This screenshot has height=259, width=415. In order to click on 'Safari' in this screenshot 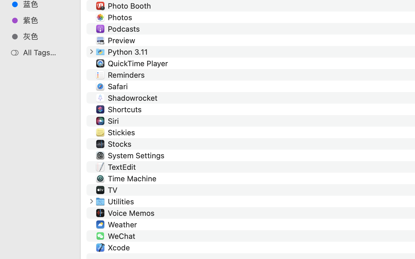, I will do `click(118, 86)`.